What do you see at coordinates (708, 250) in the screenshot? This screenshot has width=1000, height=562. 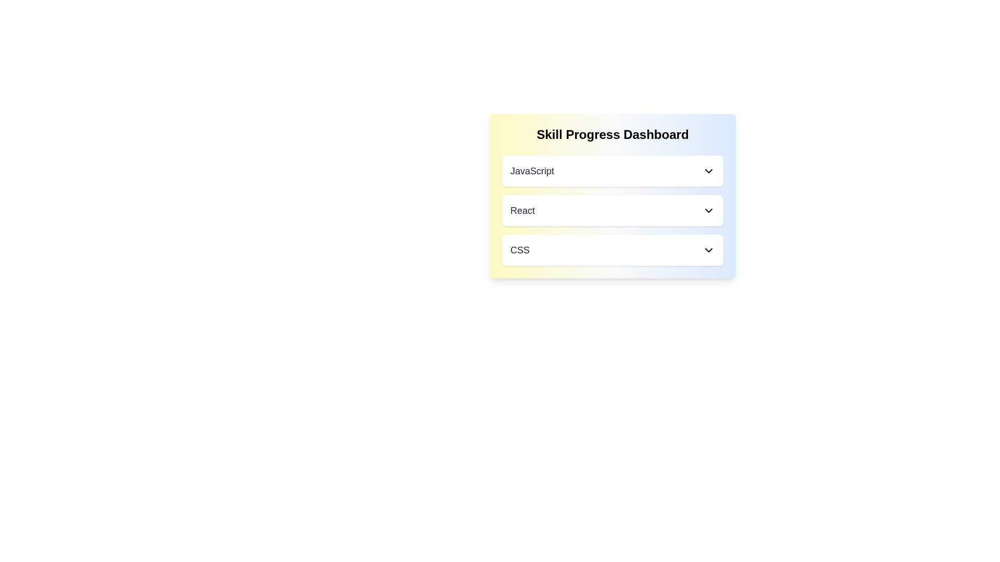 I see `the icon button located to the right of the 'CSS' label to potentially display a tooltip` at bounding box center [708, 250].